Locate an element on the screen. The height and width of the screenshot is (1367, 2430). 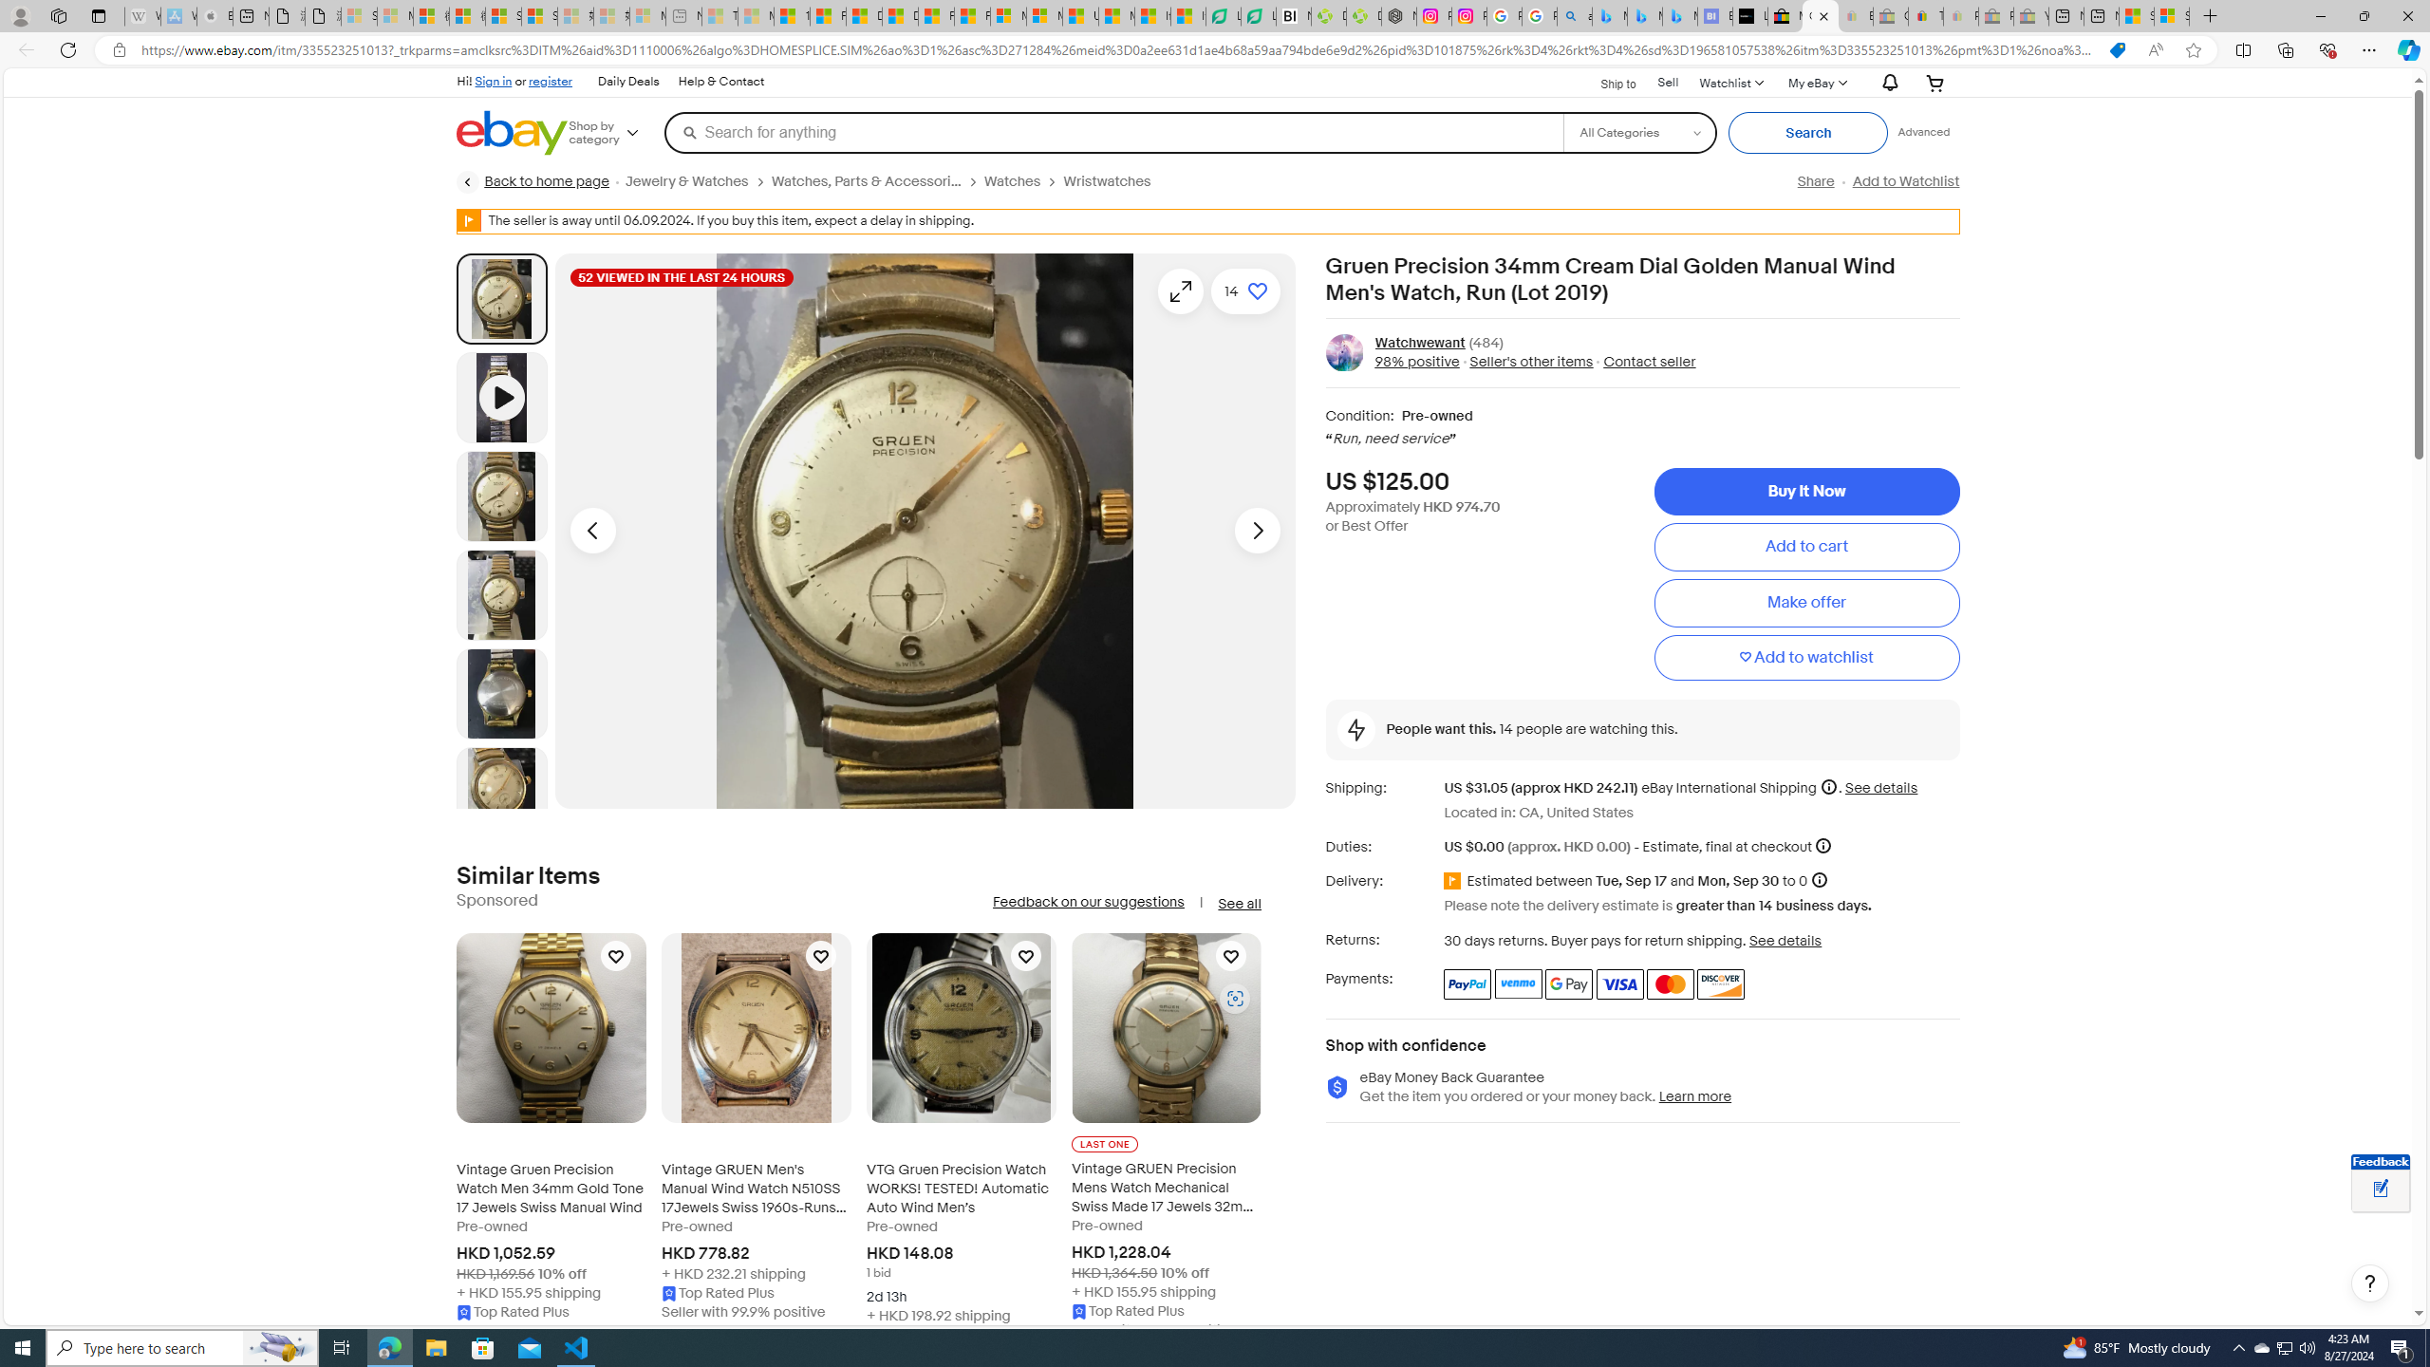
'Wikipedia - Sleeping' is located at coordinates (142, 15).